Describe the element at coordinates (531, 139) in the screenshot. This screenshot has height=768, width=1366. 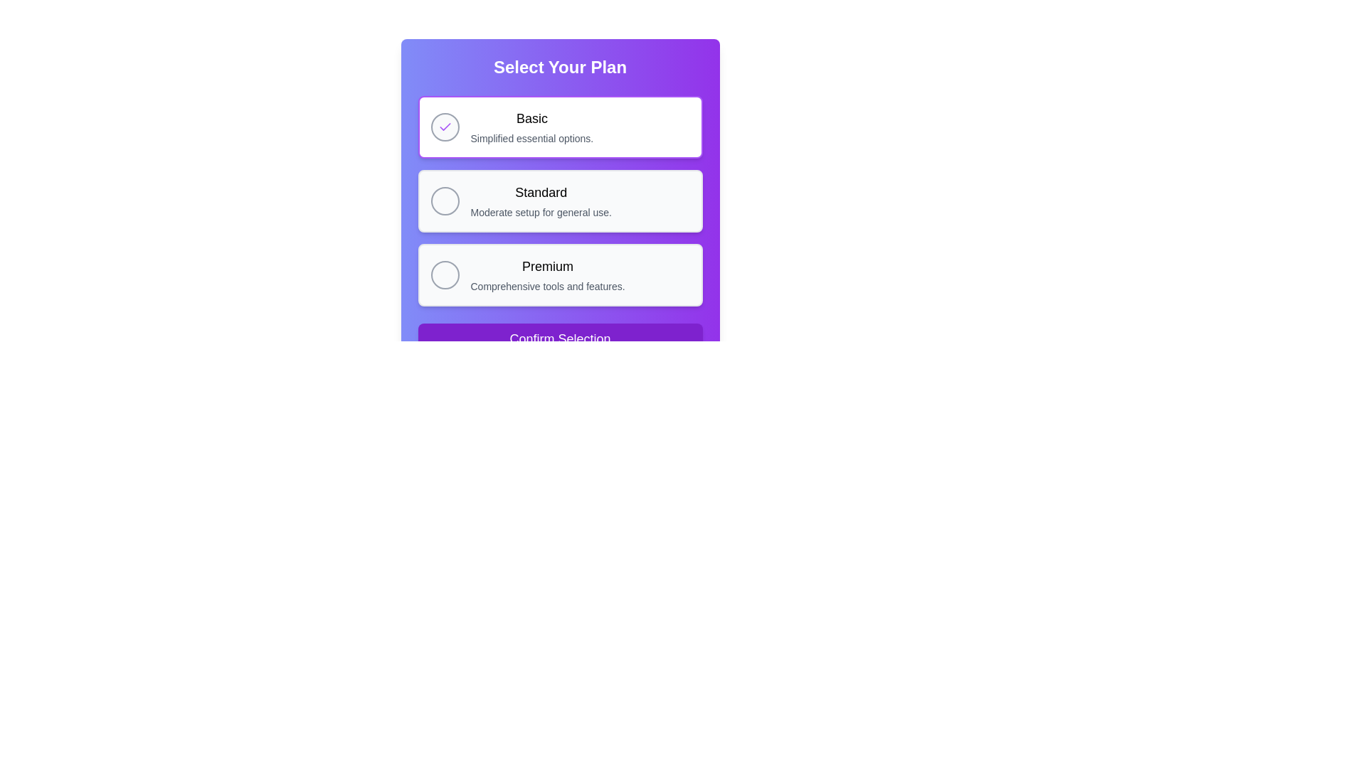
I see `supplementary text element located beneath the 'Basic' heading in the vertical arrangement on the purple background interface` at that location.